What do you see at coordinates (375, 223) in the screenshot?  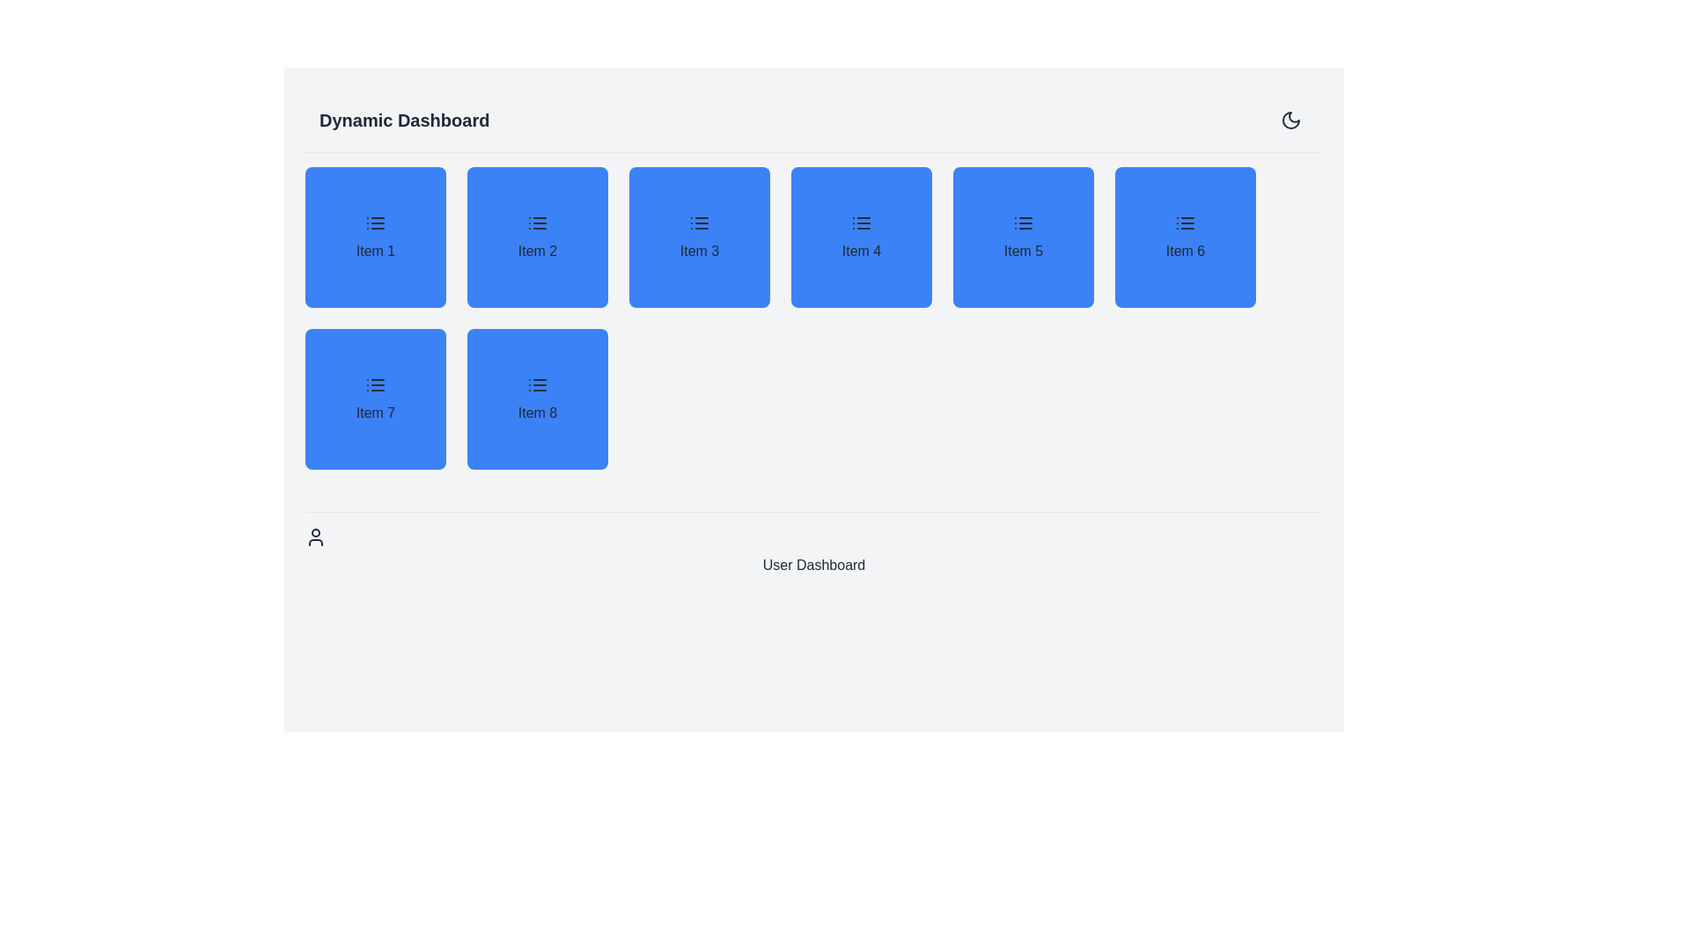 I see `the icon represented by three horizontal lines inside the blue square tile labeled 'Item 1', located centrally in the first tile of the grid under 'Dynamic Dashboard'` at bounding box center [375, 223].